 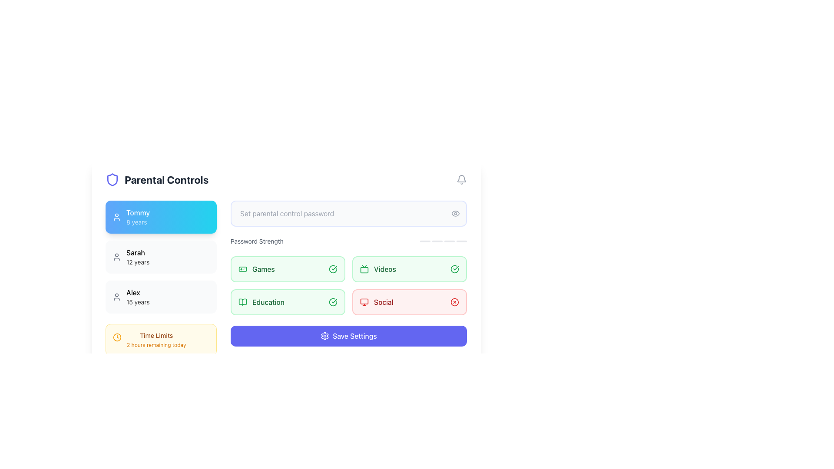 I want to click on the 'Games' text label in the parental controls interface, which is located to the right of the green gamepad icon, so click(x=263, y=269).